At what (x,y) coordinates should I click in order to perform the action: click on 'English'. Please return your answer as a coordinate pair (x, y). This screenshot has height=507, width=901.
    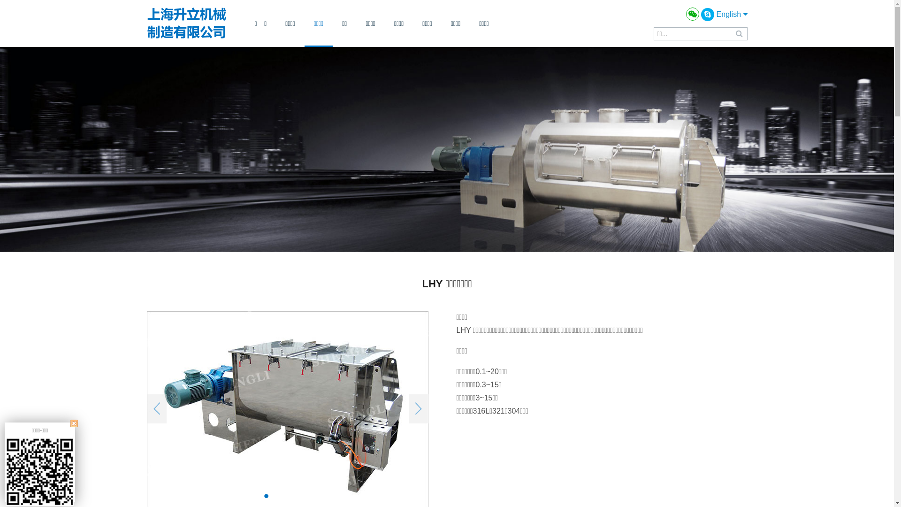
    Looking at the image, I should click on (732, 14).